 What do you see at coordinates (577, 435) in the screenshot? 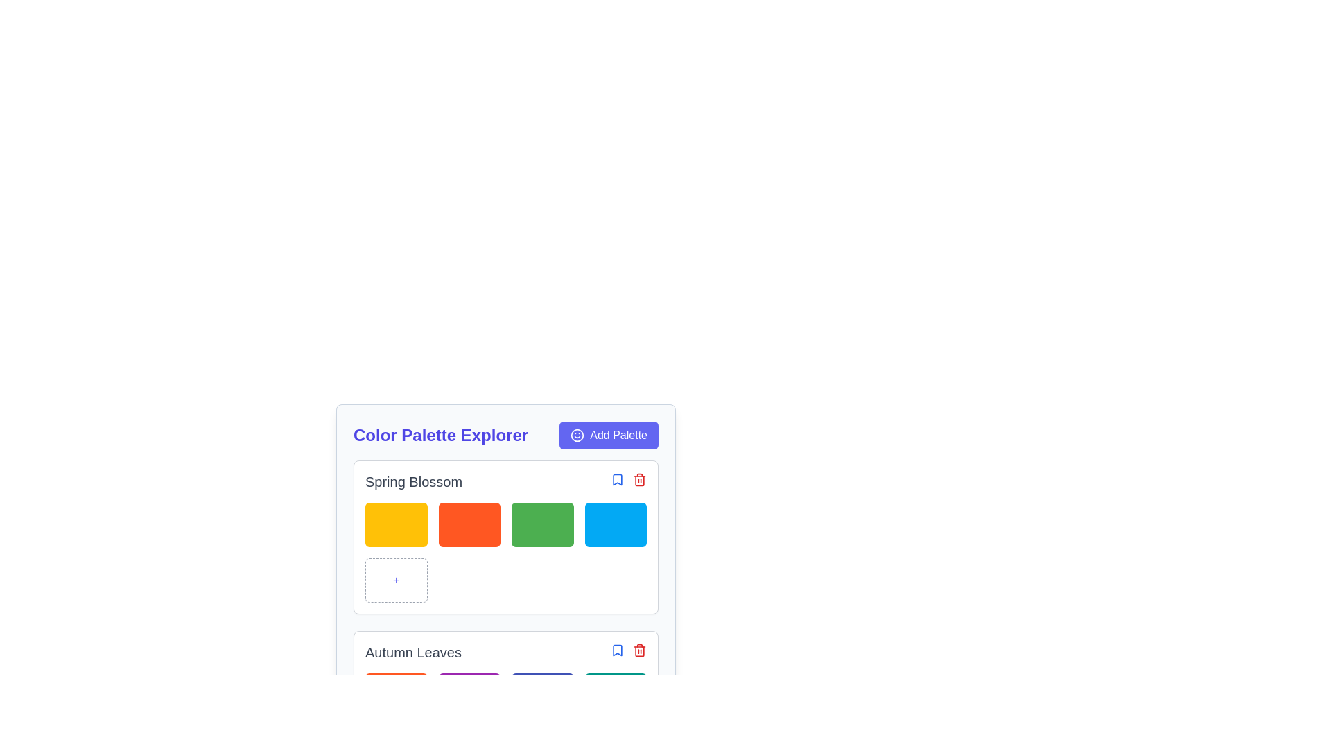
I see `the decorative icon resembling a smiley face located near the top-right corner of the main interface section` at bounding box center [577, 435].